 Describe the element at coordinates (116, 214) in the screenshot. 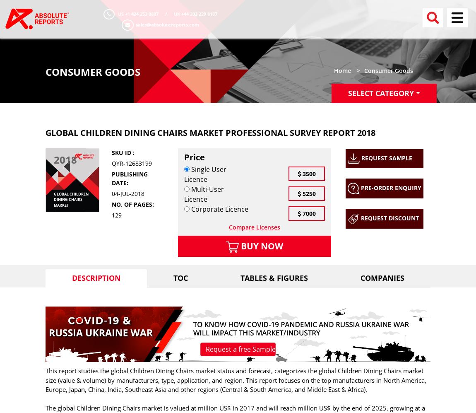

I see `'129'` at that location.